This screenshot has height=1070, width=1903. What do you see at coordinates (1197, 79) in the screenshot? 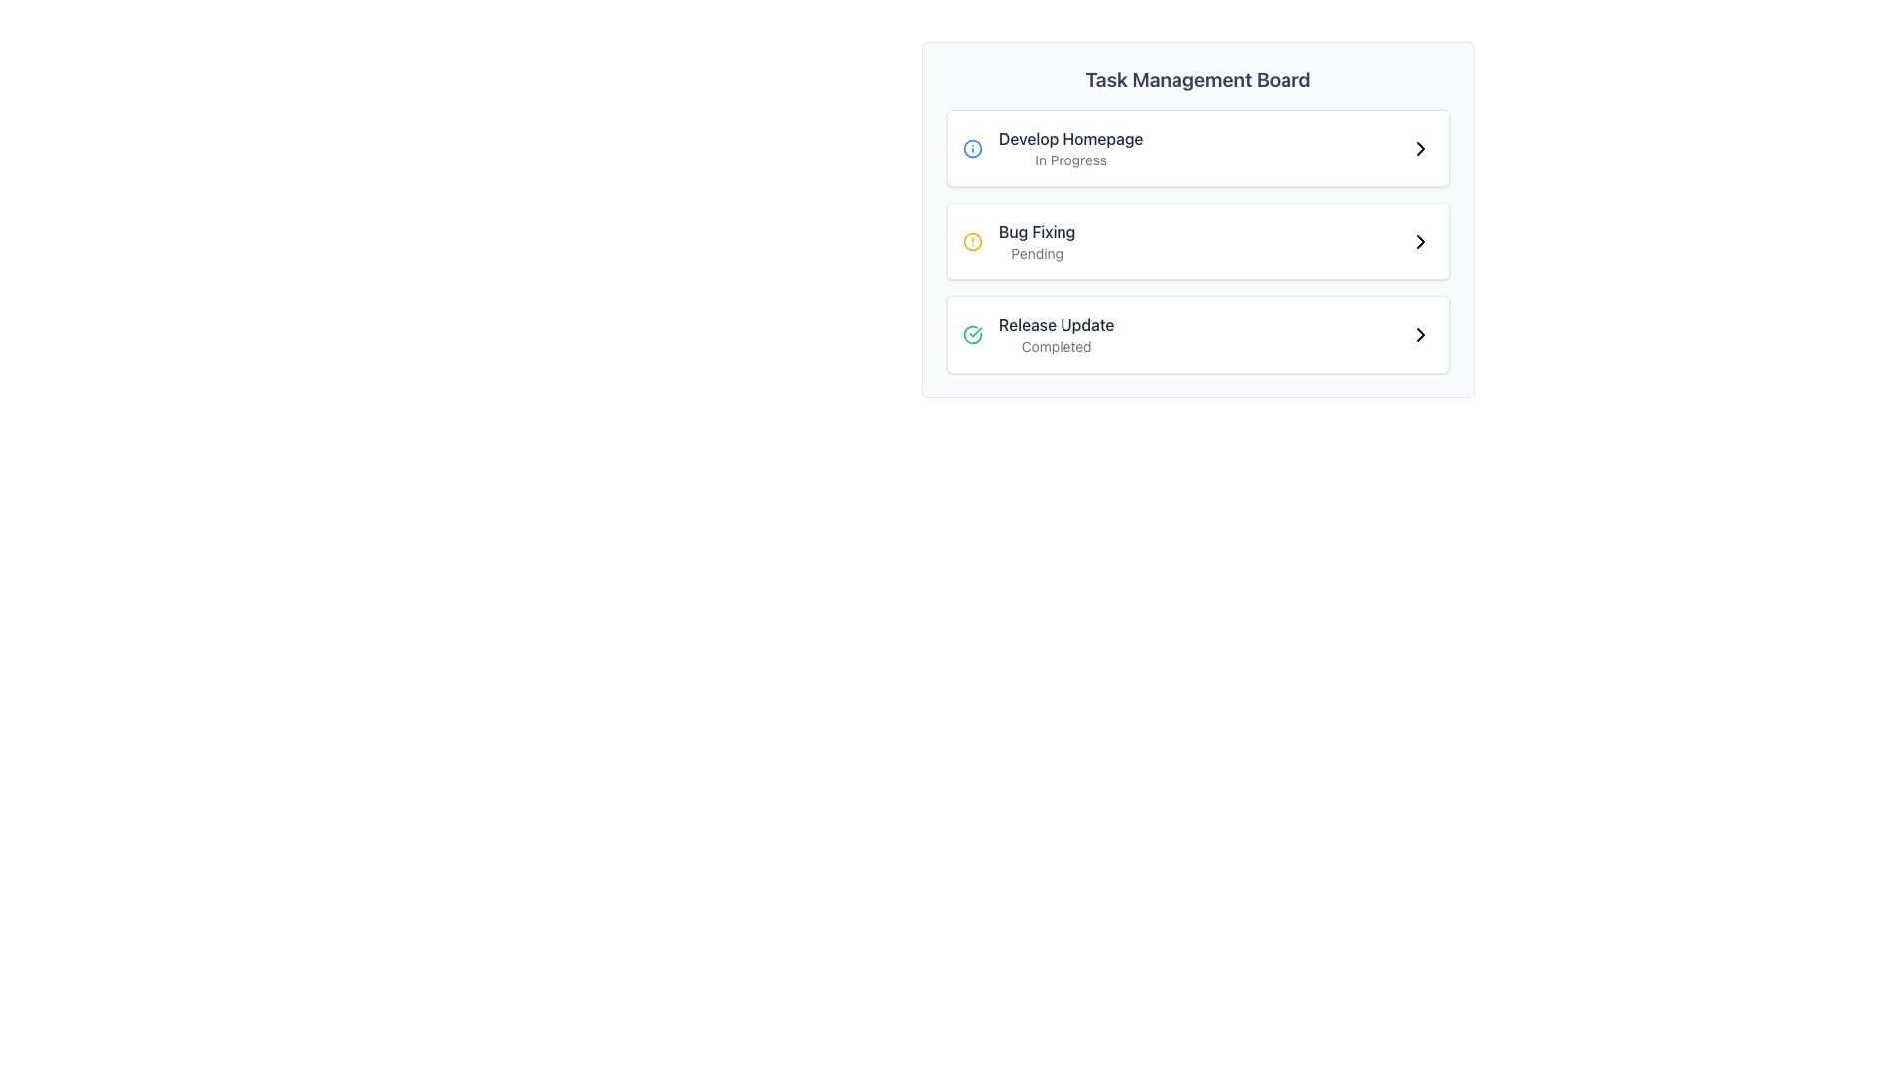
I see `the Text Label at the top of the task management interface` at bounding box center [1197, 79].